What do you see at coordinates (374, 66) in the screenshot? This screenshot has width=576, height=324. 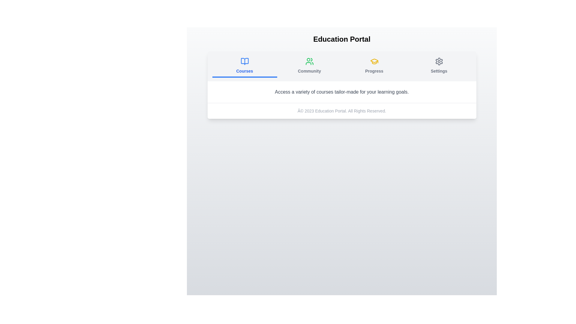 I see `the third interactive button in the navigation menu, which is located between the 'Community' and 'Settings' options` at bounding box center [374, 66].